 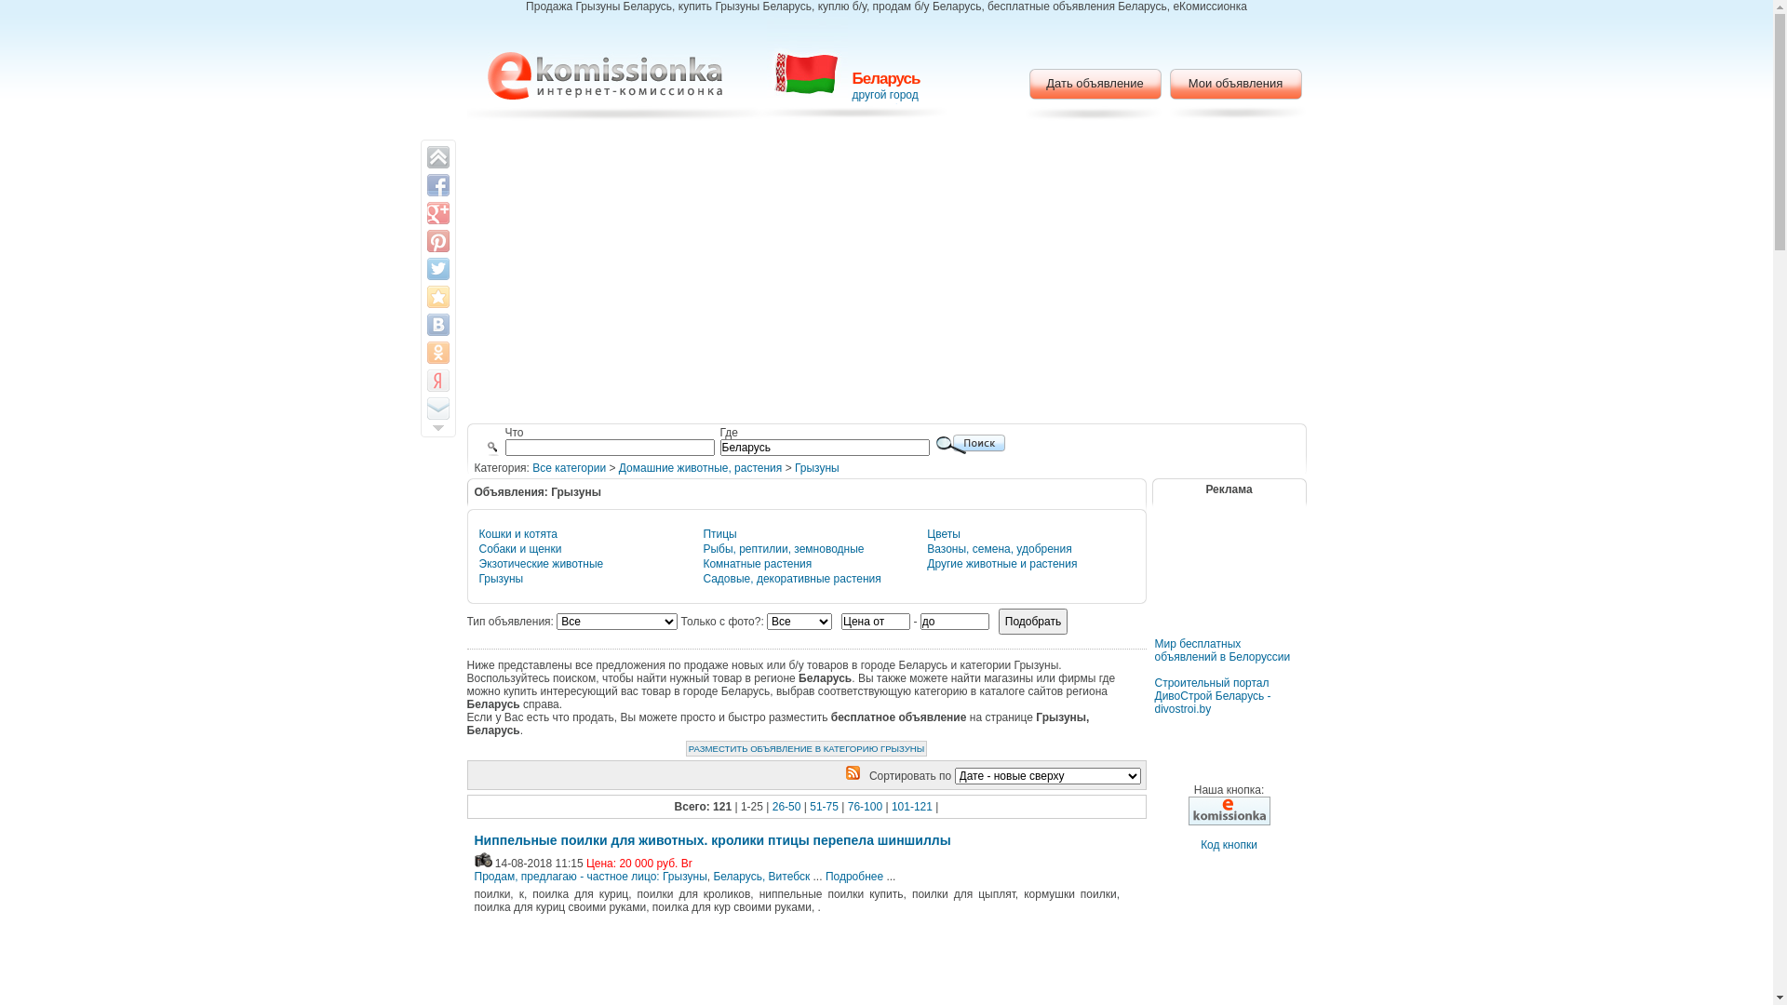 I want to click on 'Pin It', so click(x=437, y=239).